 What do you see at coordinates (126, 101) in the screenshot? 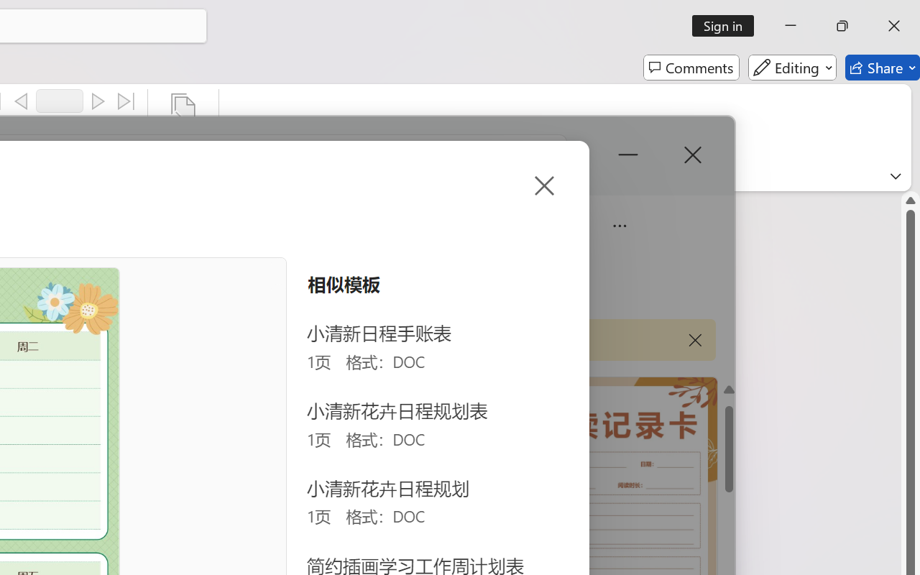
I see `'Last'` at bounding box center [126, 101].